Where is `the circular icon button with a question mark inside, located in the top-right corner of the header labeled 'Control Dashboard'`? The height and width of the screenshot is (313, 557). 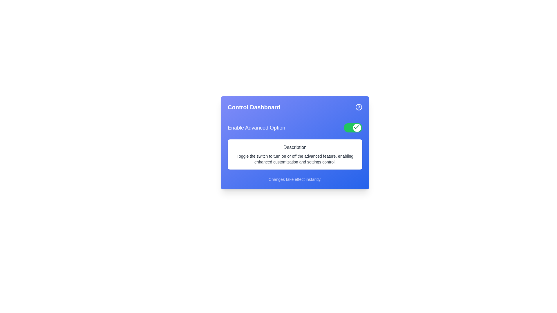
the circular icon button with a question mark inside, located in the top-right corner of the header labeled 'Control Dashboard' is located at coordinates (359, 107).